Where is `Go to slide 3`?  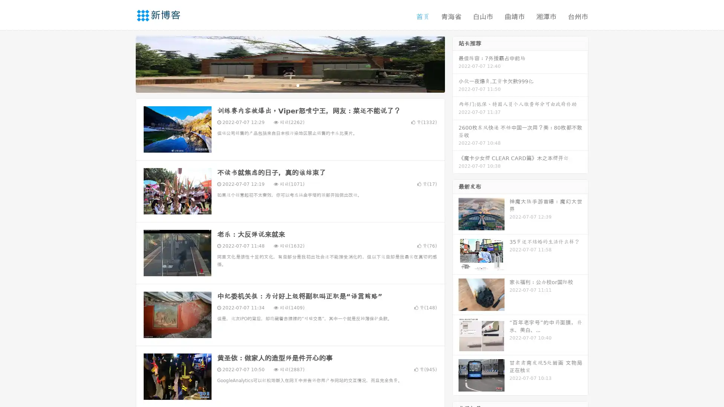
Go to slide 3 is located at coordinates (298, 85).